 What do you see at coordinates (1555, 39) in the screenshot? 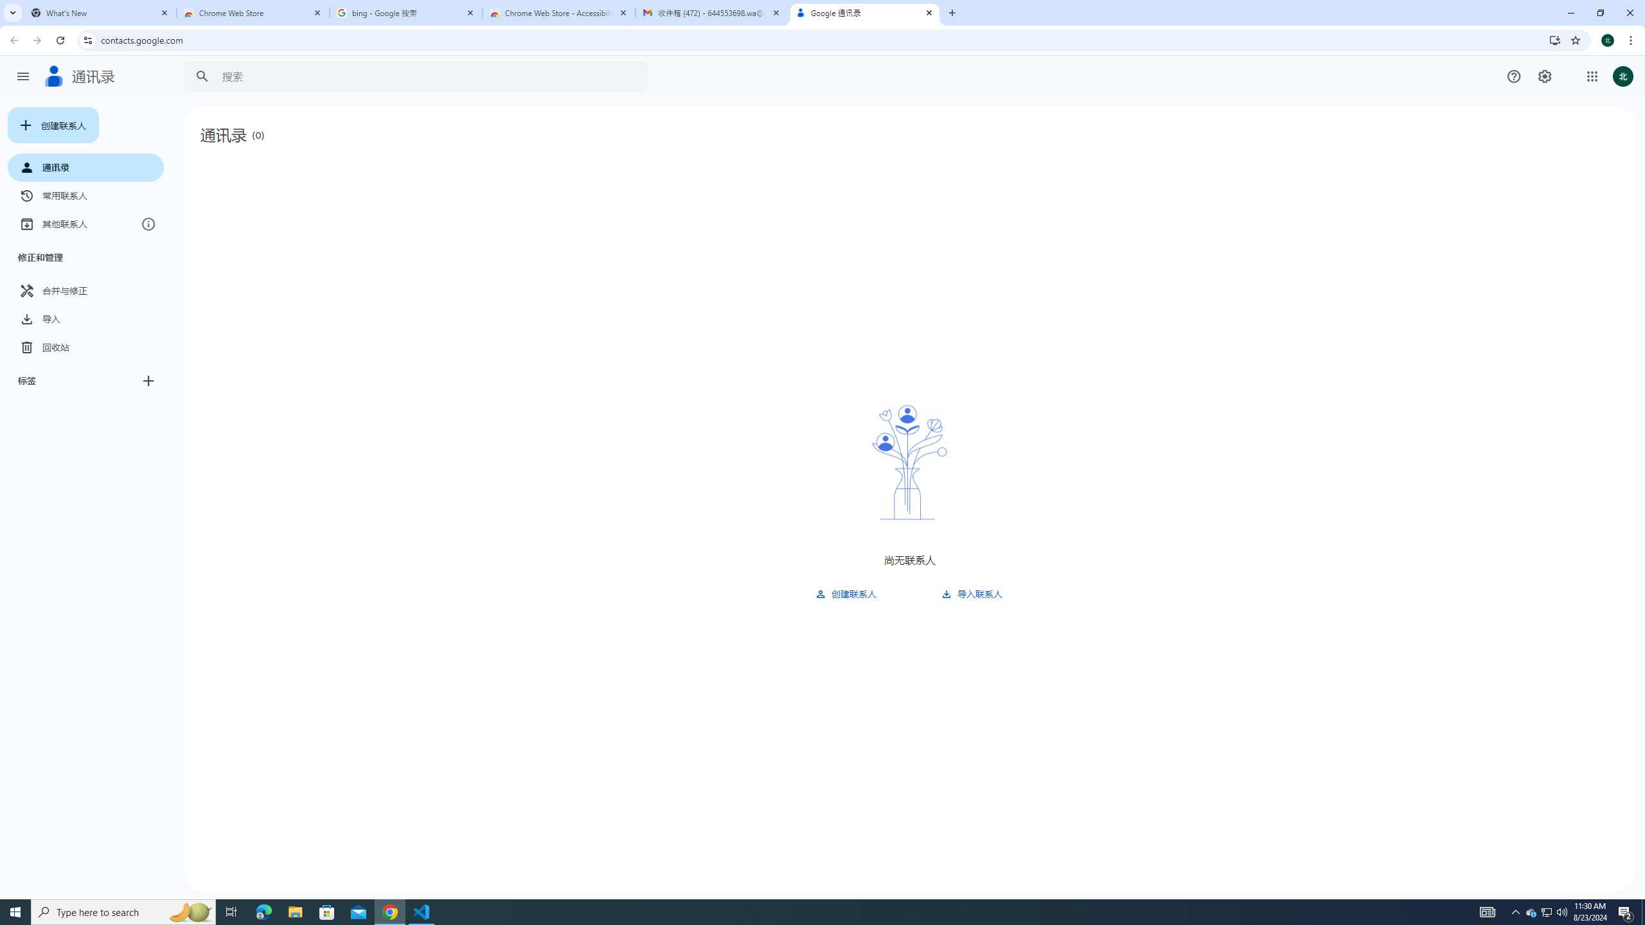
I see `'Install Google Contacts'` at bounding box center [1555, 39].